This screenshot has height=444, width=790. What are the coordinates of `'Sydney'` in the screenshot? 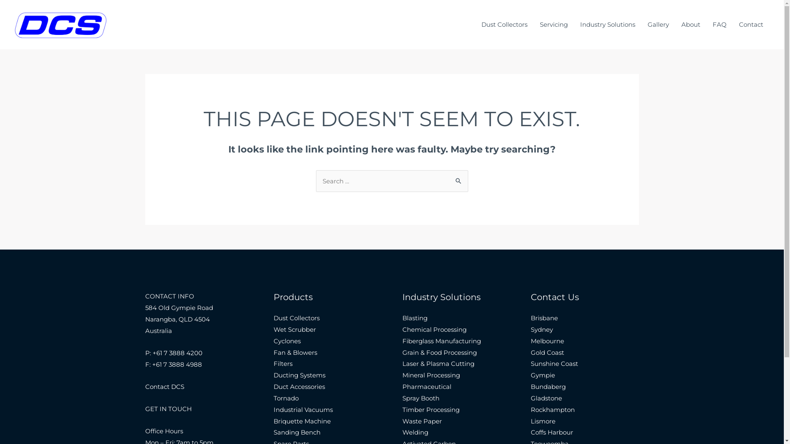 It's located at (541, 329).